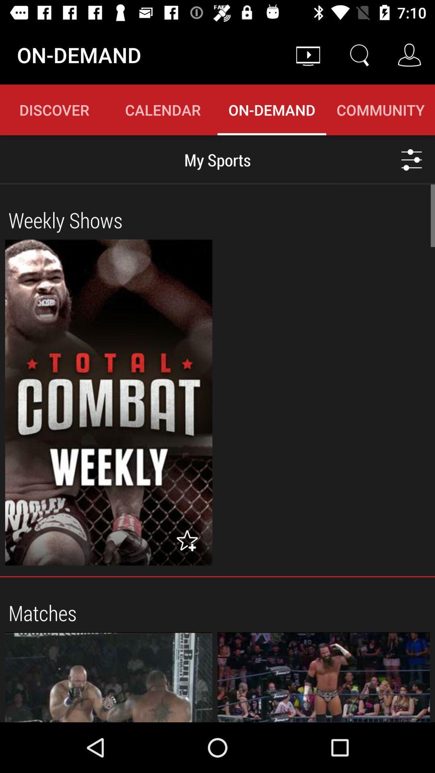 The height and width of the screenshot is (773, 435). Describe the element at coordinates (412, 159) in the screenshot. I see `the sliders icon` at that location.